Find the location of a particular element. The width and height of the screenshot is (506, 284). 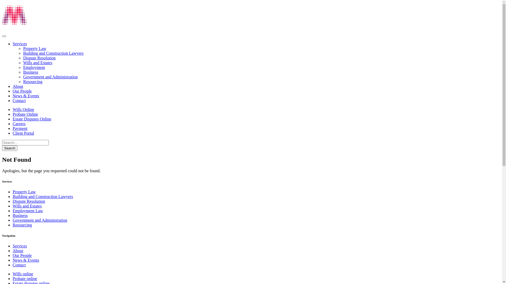

'Probate online' is located at coordinates (25, 278).